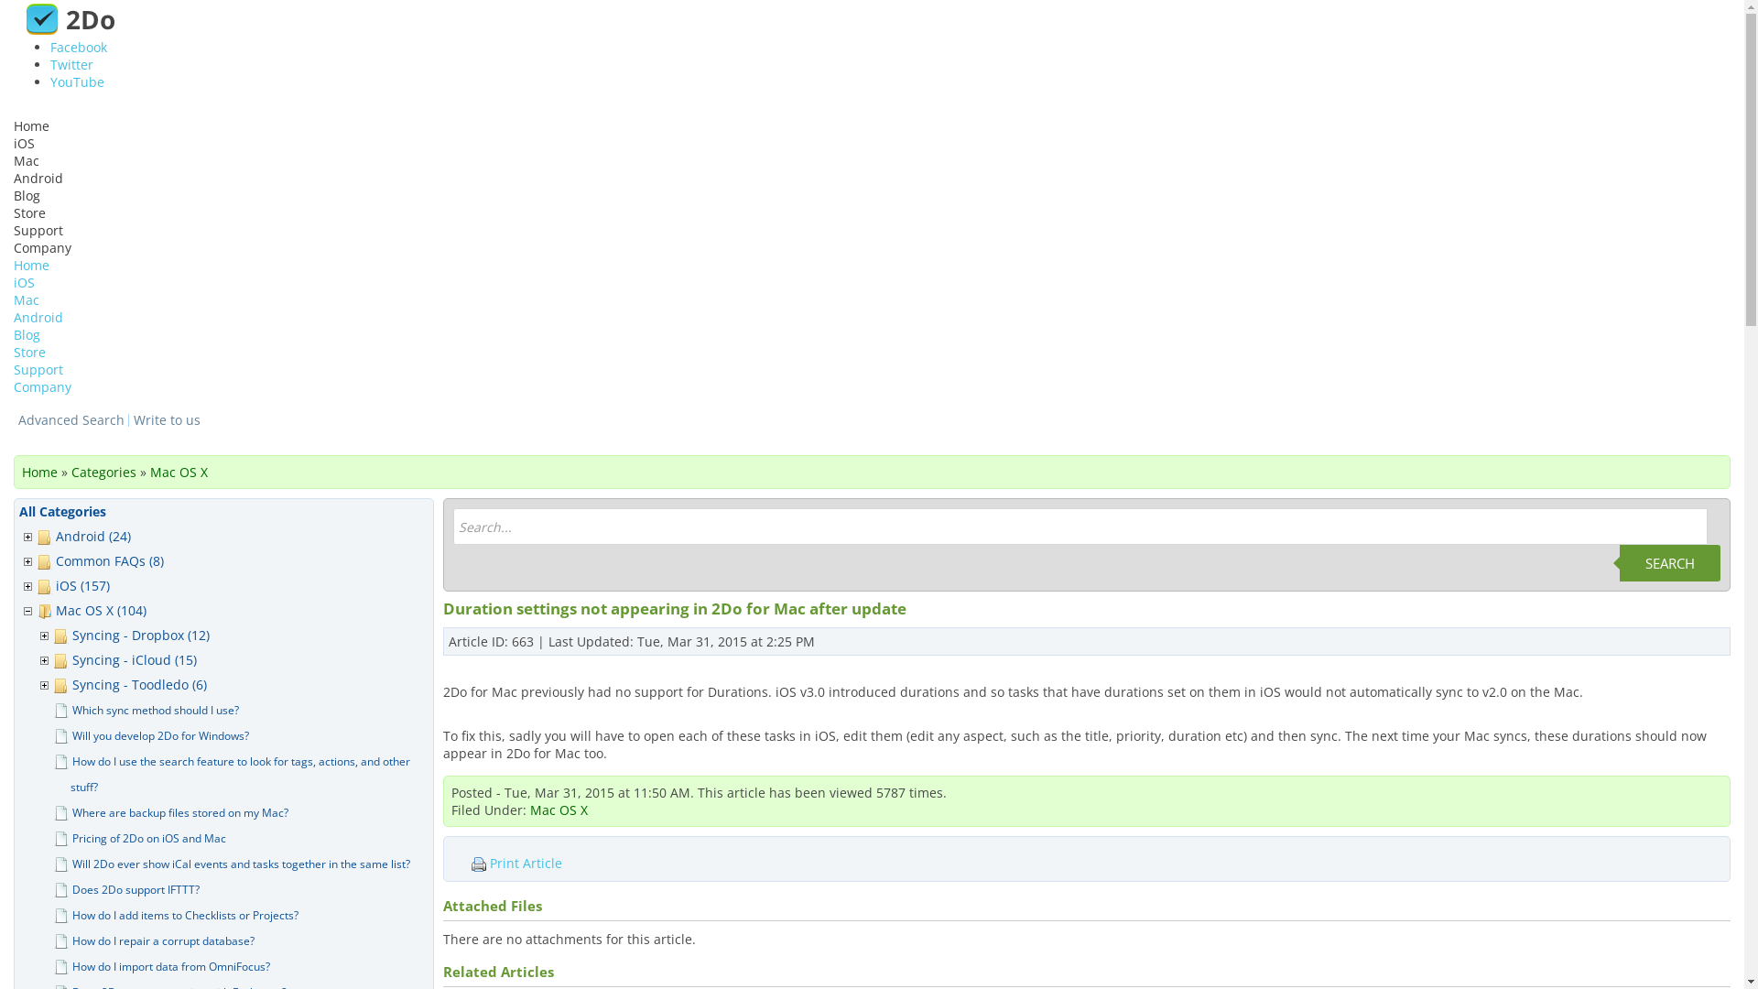 Image resolution: width=1758 pixels, height=989 pixels. What do you see at coordinates (558, 809) in the screenshot?
I see `'Mac OS X'` at bounding box center [558, 809].